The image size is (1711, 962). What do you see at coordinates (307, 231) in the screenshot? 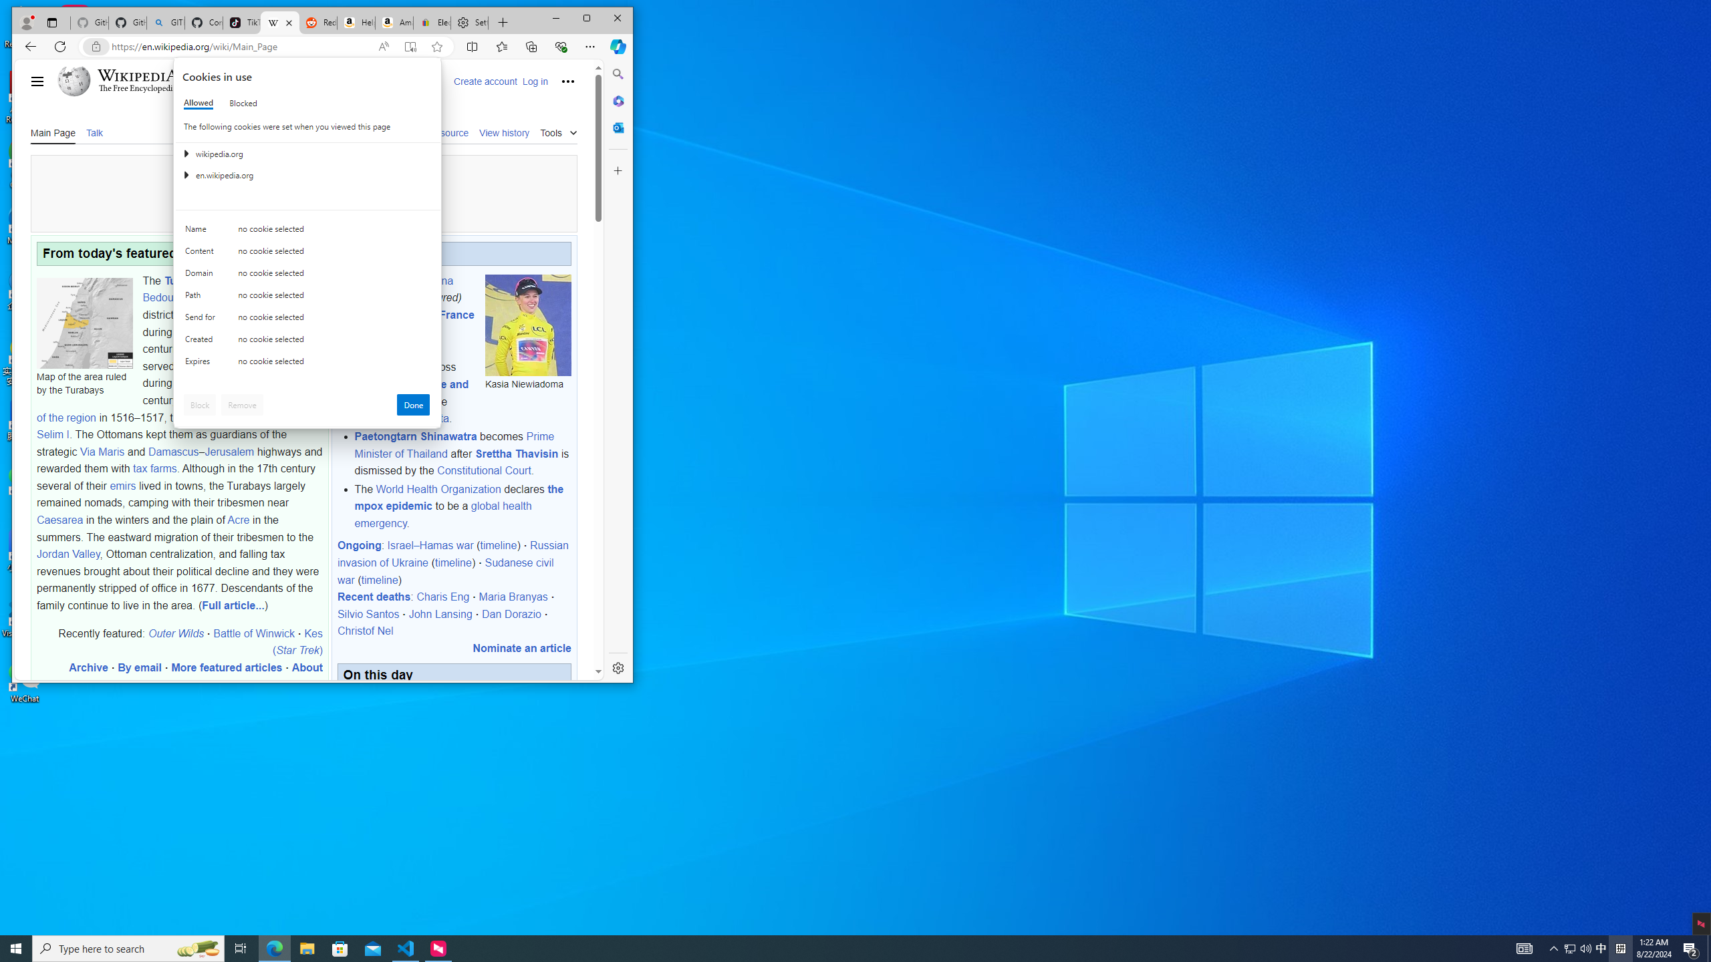
I see `'Class: c0153 c0157 c0154'` at bounding box center [307, 231].